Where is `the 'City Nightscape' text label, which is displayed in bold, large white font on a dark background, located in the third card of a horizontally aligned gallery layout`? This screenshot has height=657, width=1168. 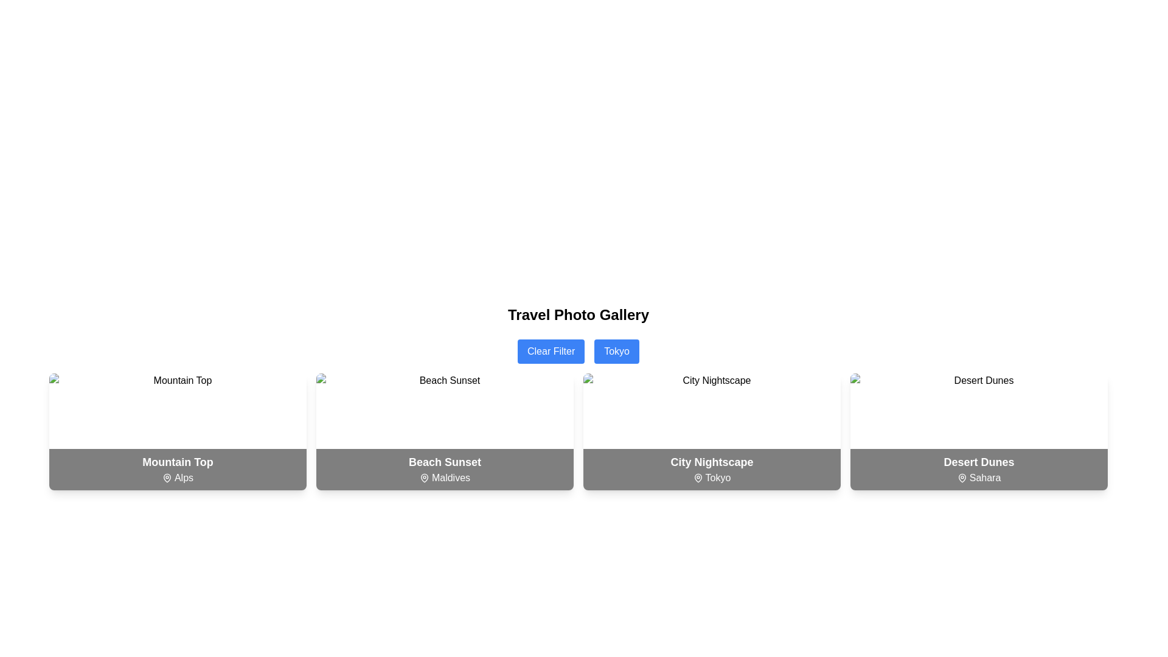
the 'City Nightscape' text label, which is displayed in bold, large white font on a dark background, located in the third card of a horizontally aligned gallery layout is located at coordinates (712, 462).